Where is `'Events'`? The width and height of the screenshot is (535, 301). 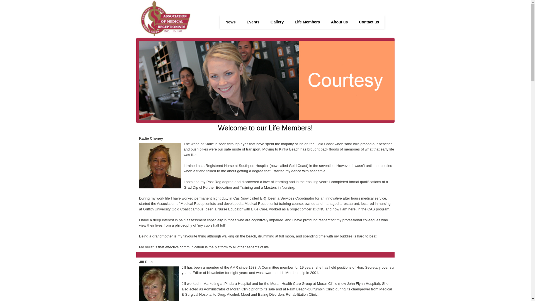
'Events' is located at coordinates (252, 22).